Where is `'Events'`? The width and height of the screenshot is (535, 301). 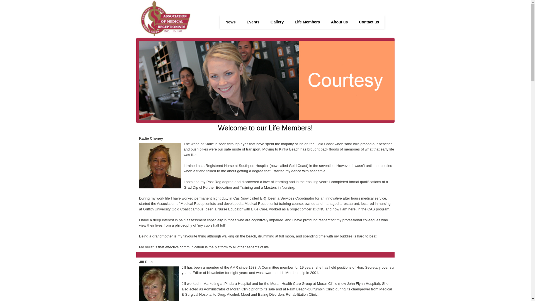
'Events' is located at coordinates (252, 22).